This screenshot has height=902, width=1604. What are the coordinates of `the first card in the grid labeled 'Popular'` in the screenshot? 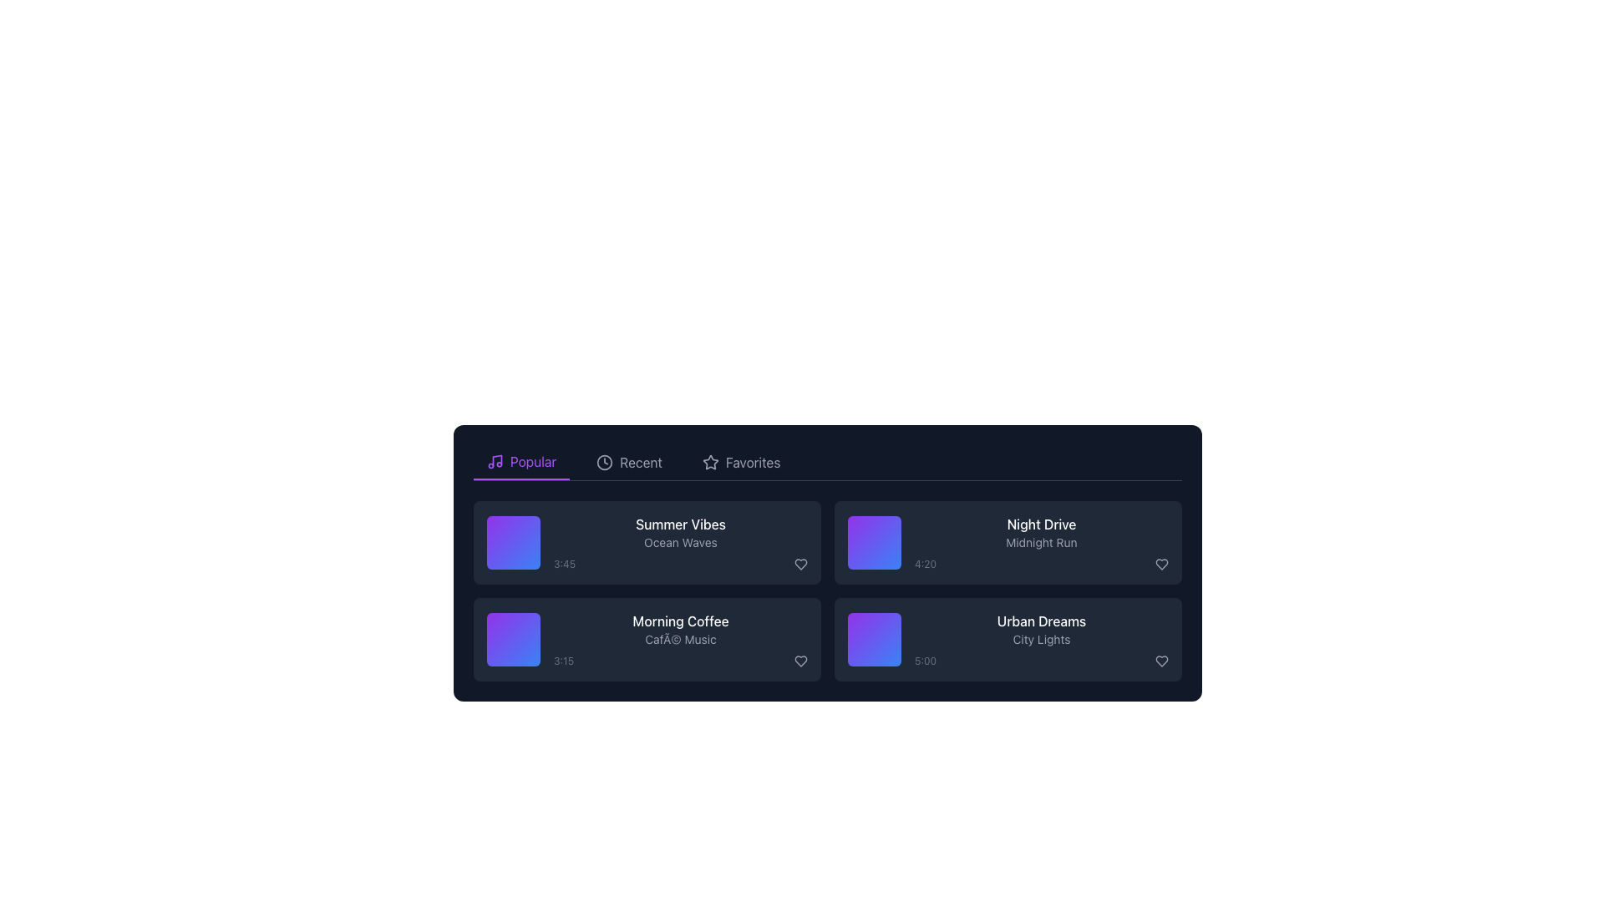 It's located at (646, 543).